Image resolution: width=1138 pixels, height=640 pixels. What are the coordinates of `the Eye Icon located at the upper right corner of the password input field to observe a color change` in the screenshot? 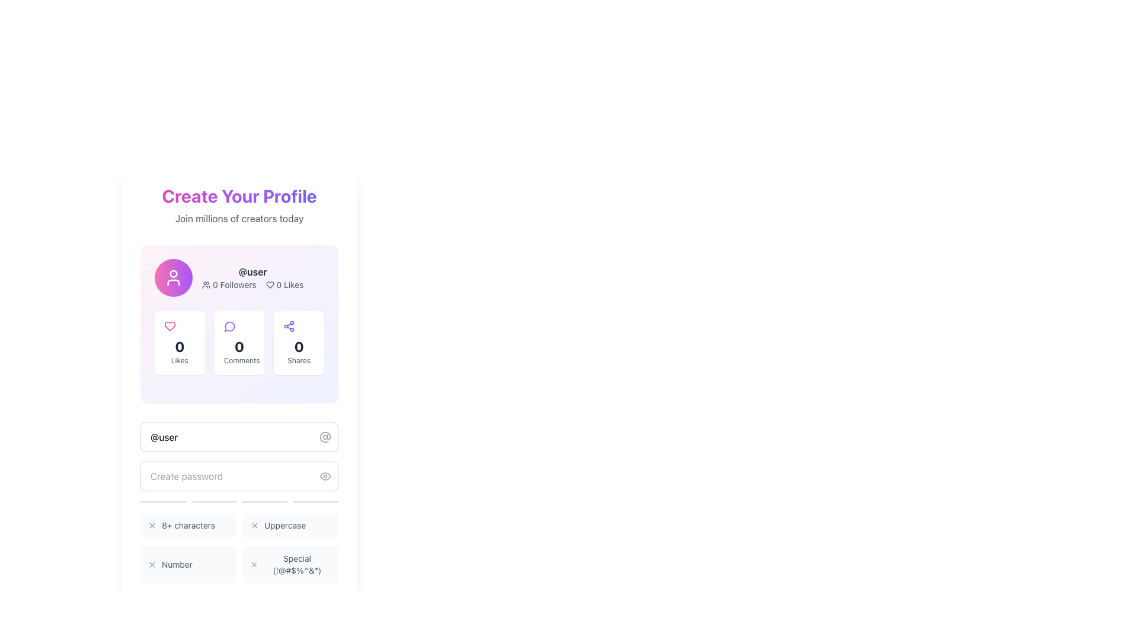 It's located at (325, 475).